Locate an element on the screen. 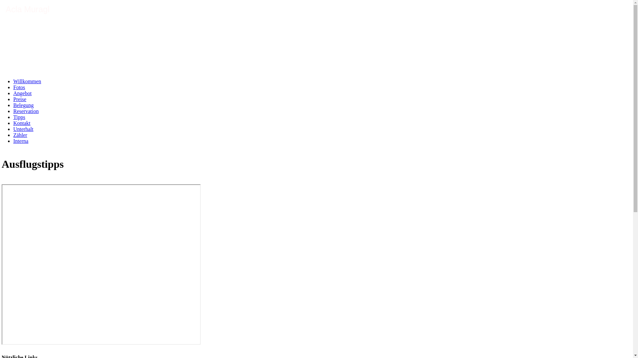  'Reservation' is located at coordinates (13, 111).